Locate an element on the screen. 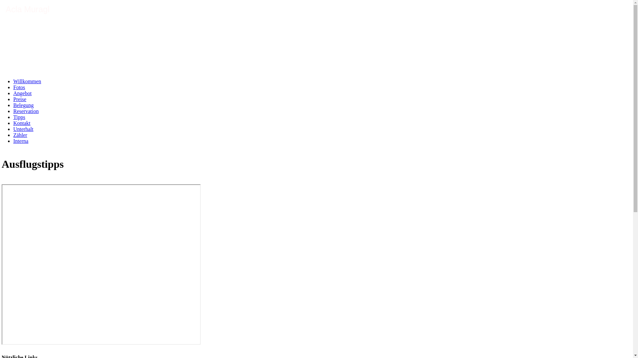  'Reservation' is located at coordinates (13, 111).